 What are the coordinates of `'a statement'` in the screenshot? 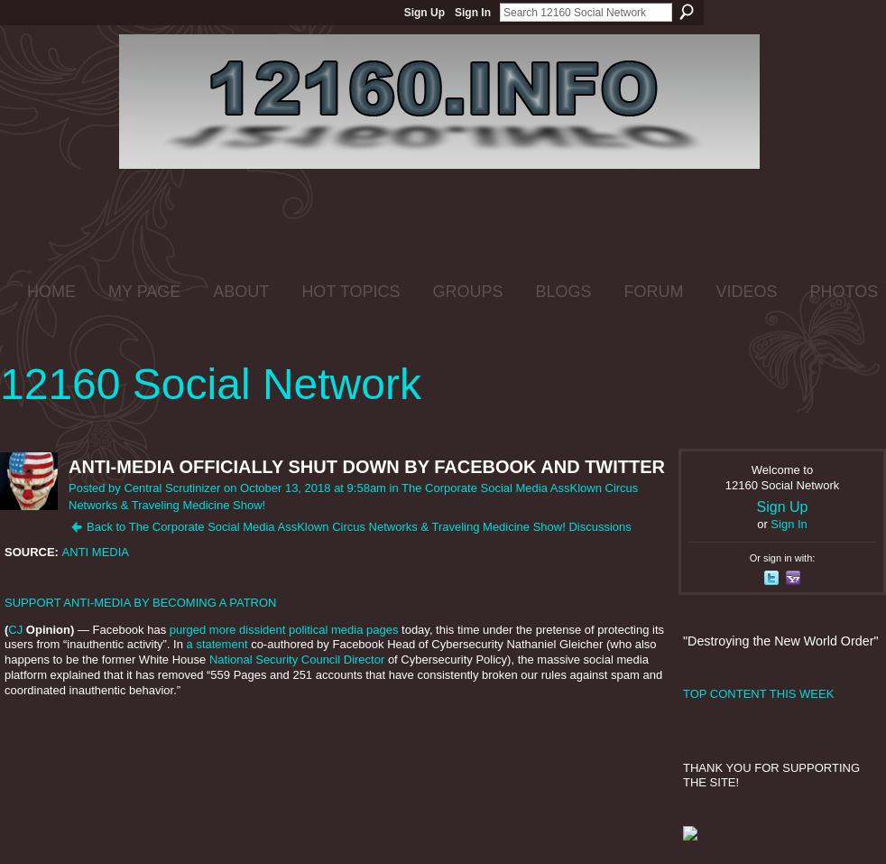 It's located at (216, 644).